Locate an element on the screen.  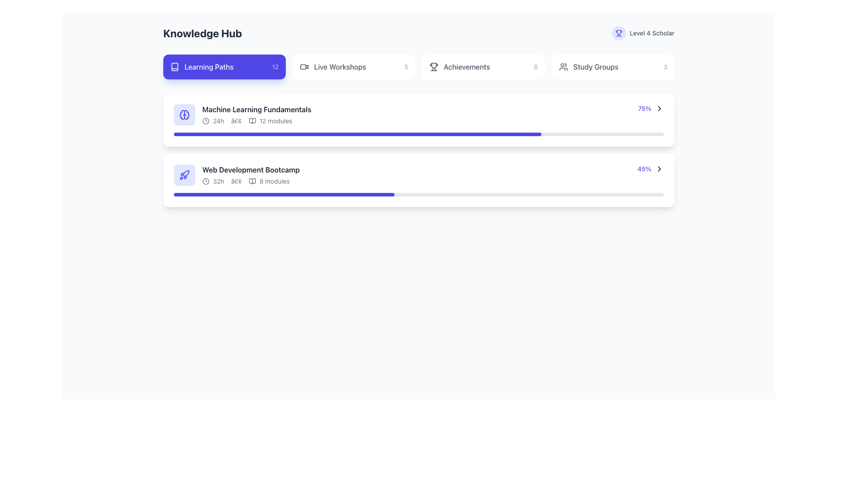
the 'Machine Learning Fundamentals' text block is located at coordinates (256, 114).